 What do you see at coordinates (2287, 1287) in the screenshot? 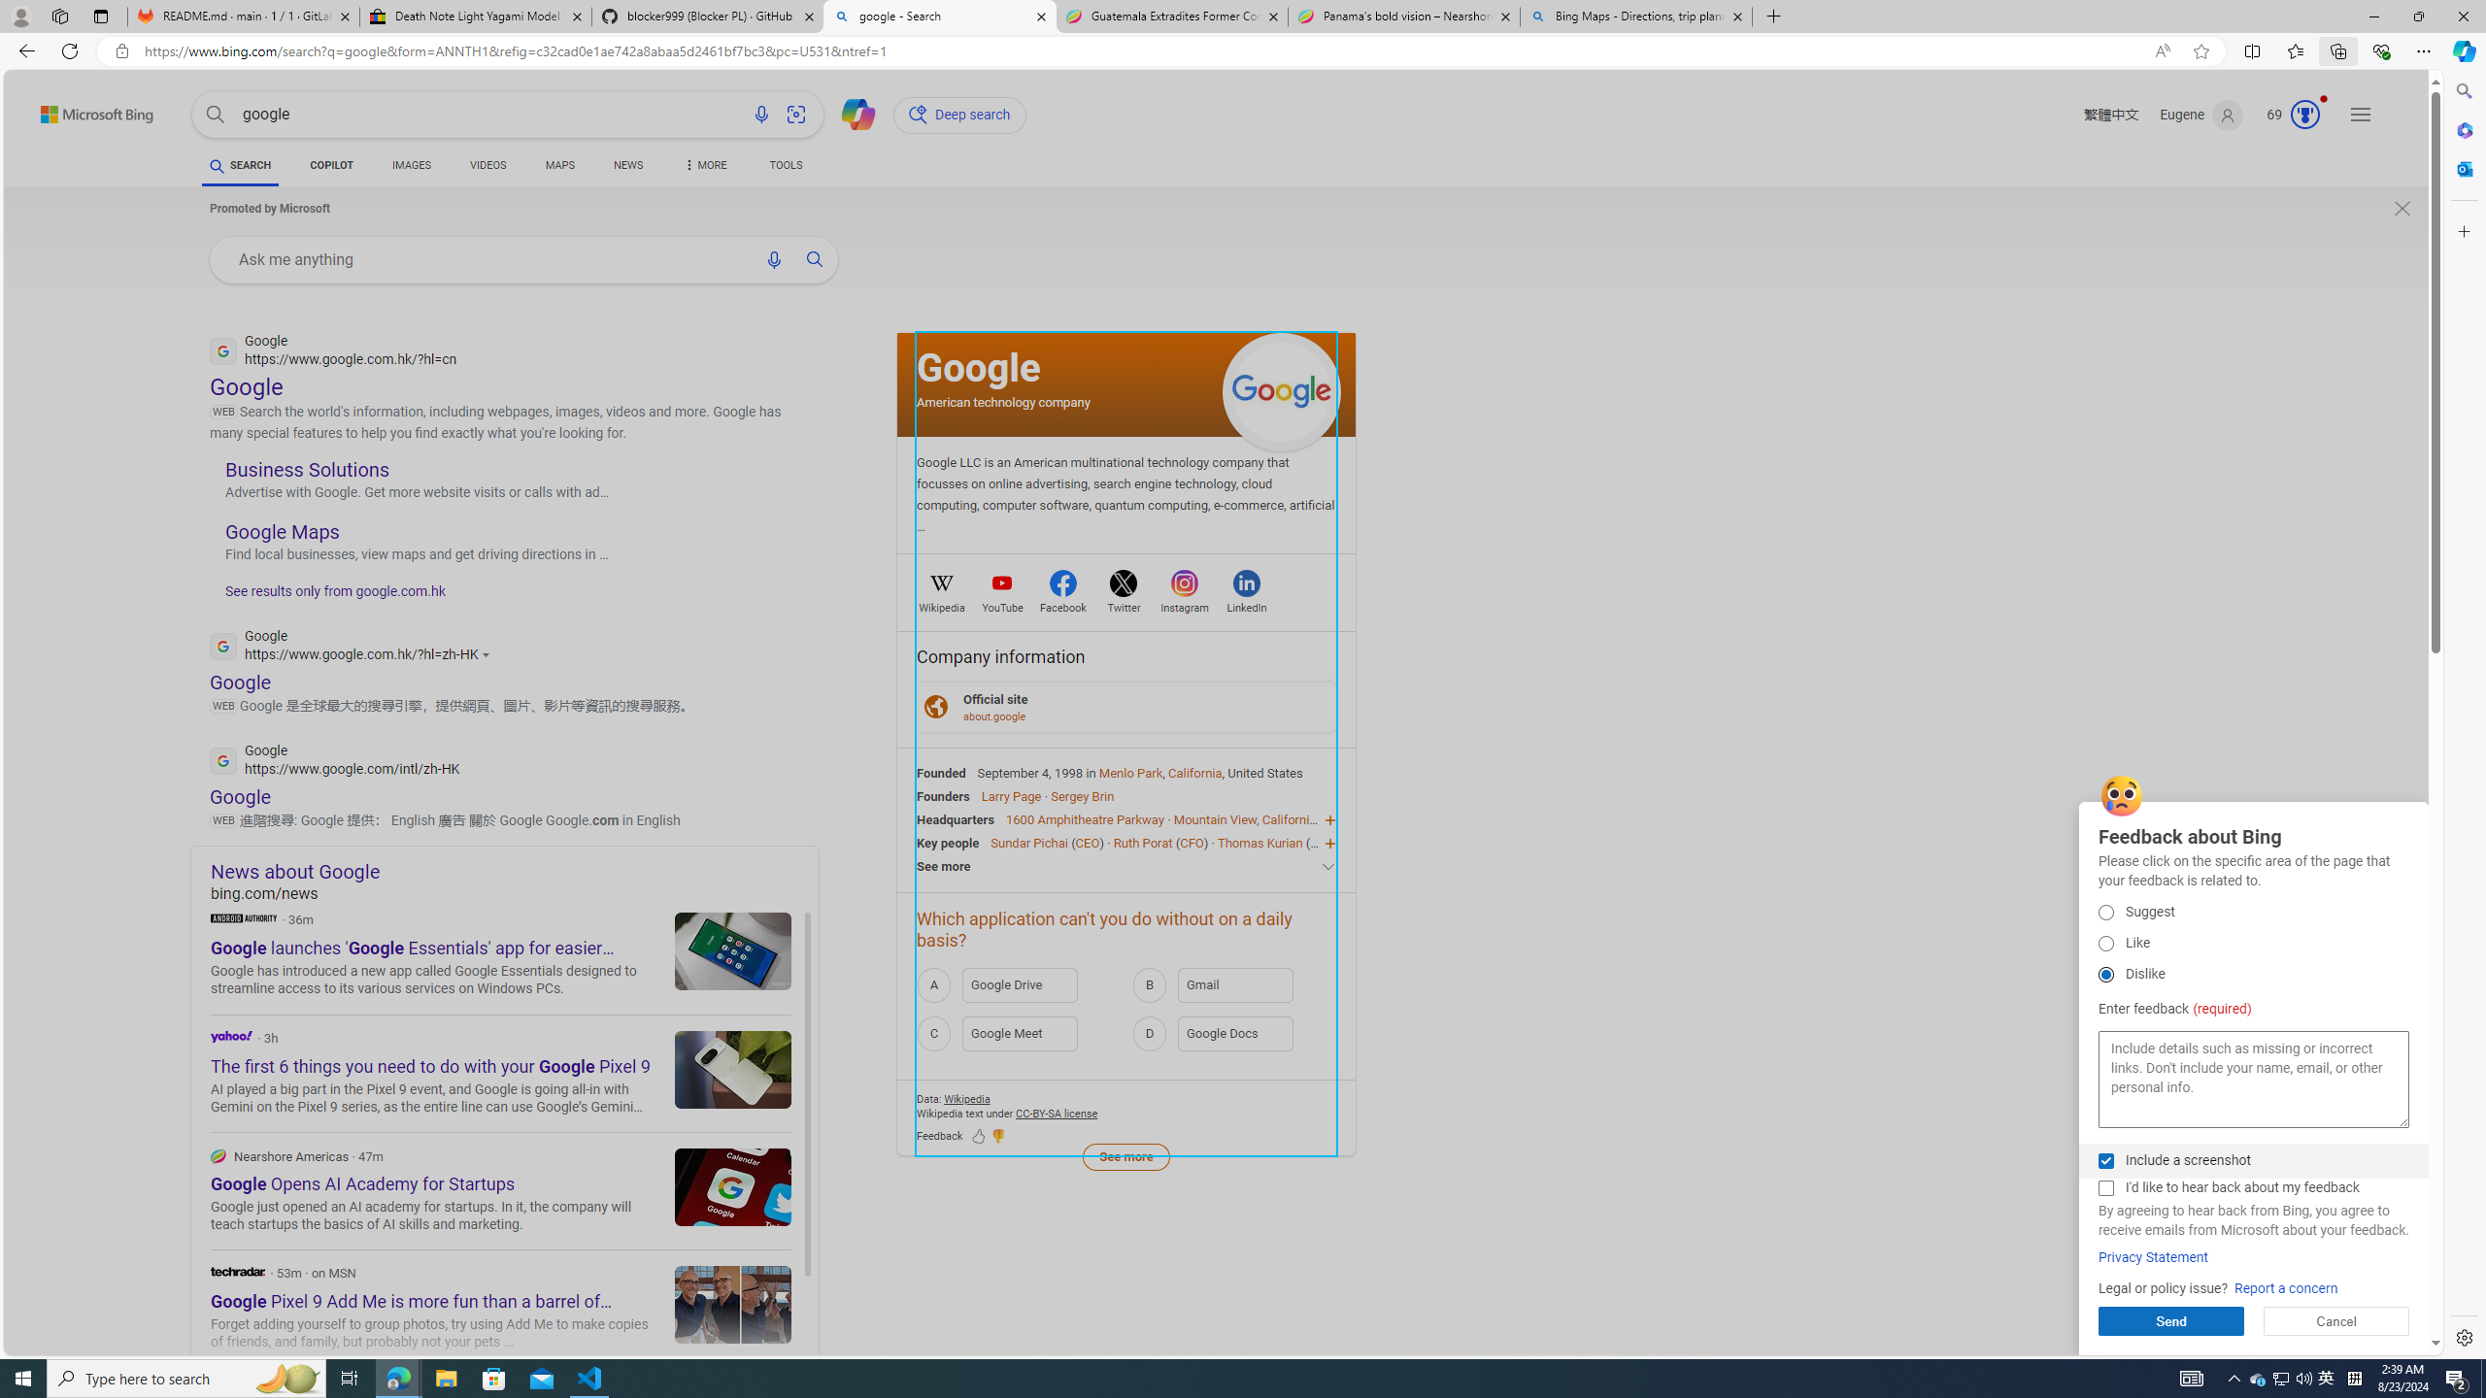
I see `'Report a concern'` at bounding box center [2287, 1287].